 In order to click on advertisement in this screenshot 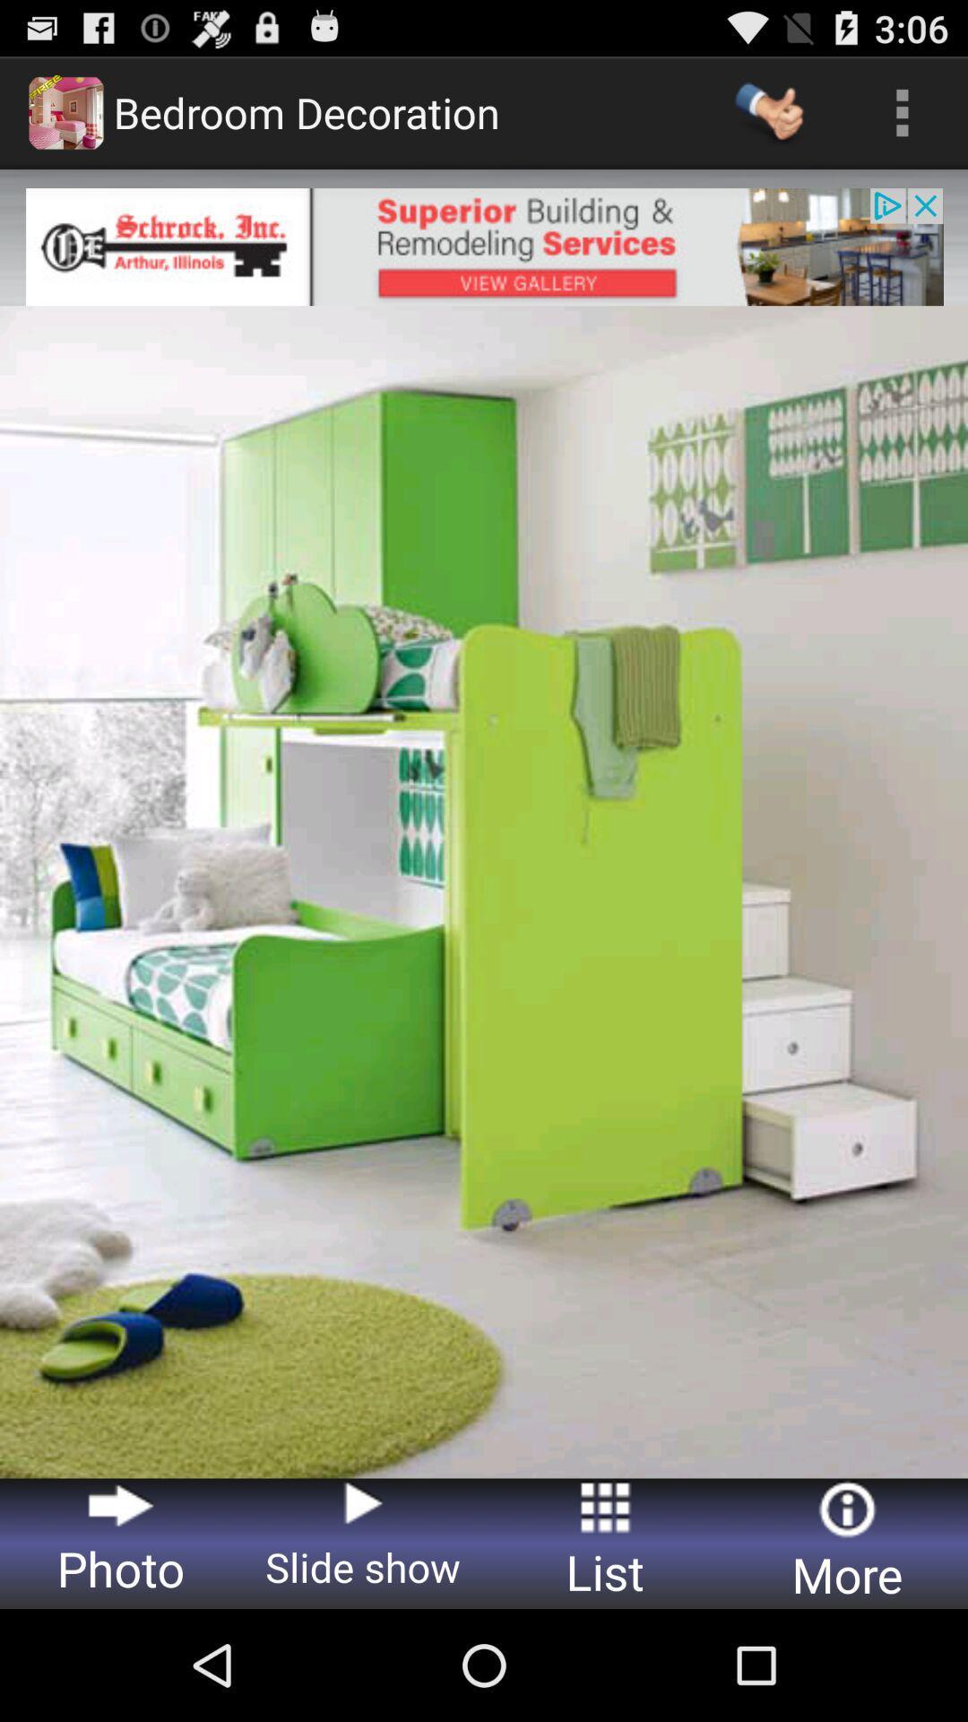, I will do `click(484, 246)`.